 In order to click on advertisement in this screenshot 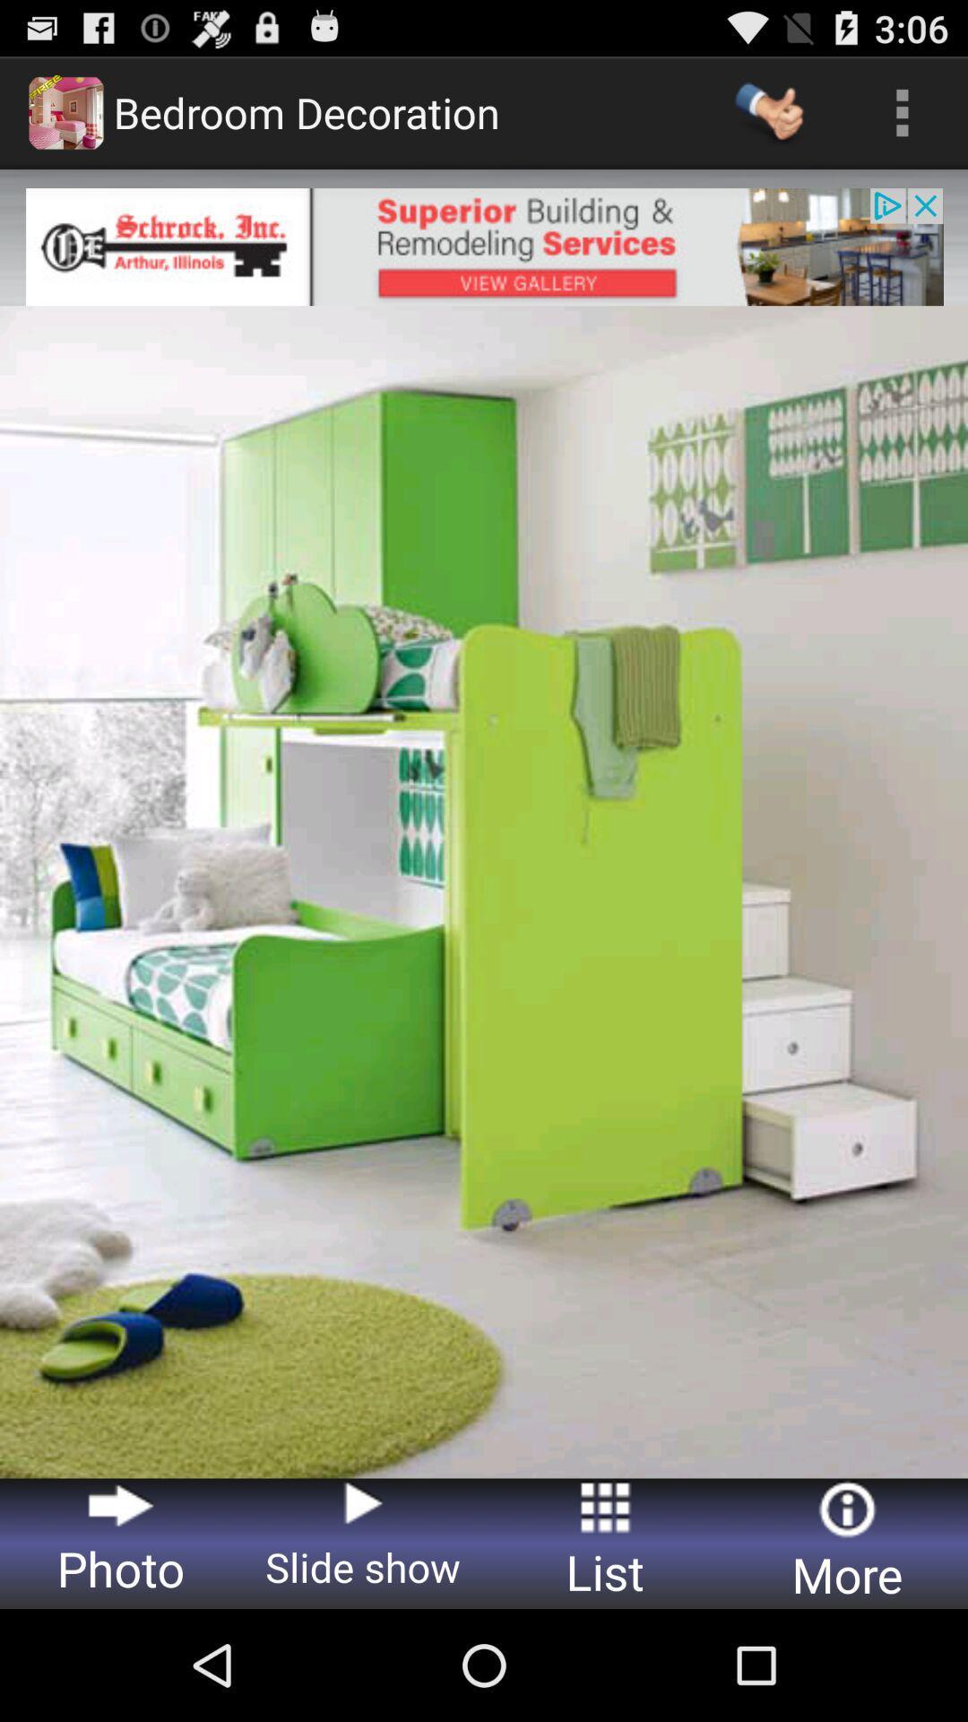, I will do `click(484, 246)`.